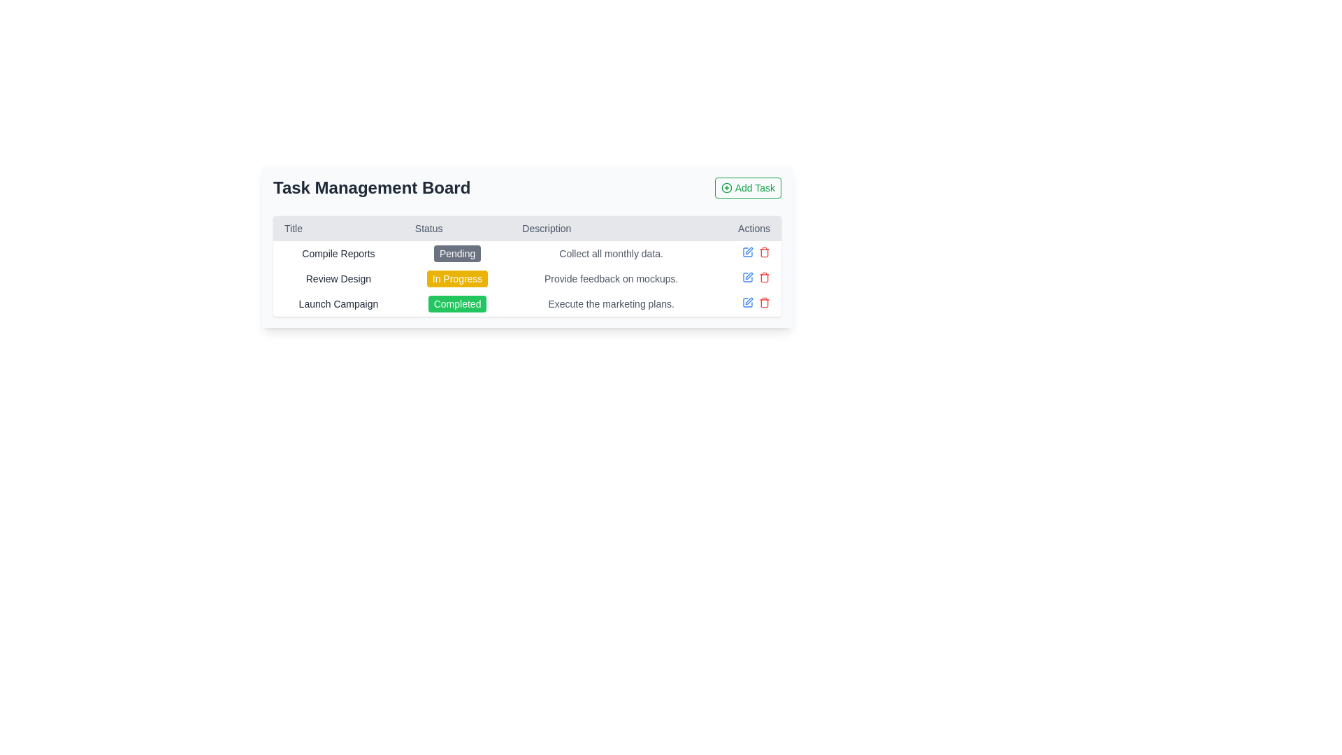 The image size is (1342, 755). What do you see at coordinates (457, 303) in the screenshot?
I see `the 'Completed' label with white text on a green background in the 'Status' column of the third row in the 'Task Management Board' table, aligned with the task entry 'Launch Campaign'` at bounding box center [457, 303].